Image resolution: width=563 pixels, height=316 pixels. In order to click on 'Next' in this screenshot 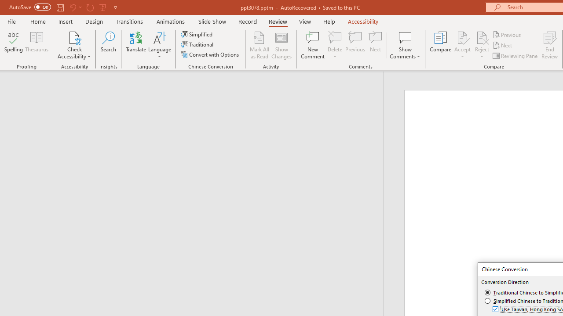, I will do `click(503, 45)`.